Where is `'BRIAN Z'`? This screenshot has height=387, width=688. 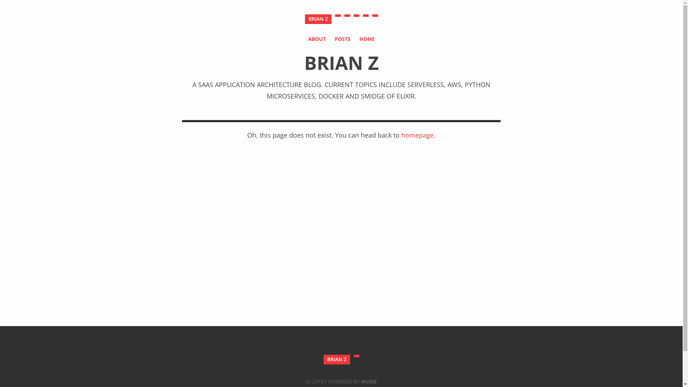
'BRIAN Z' is located at coordinates (336, 359).